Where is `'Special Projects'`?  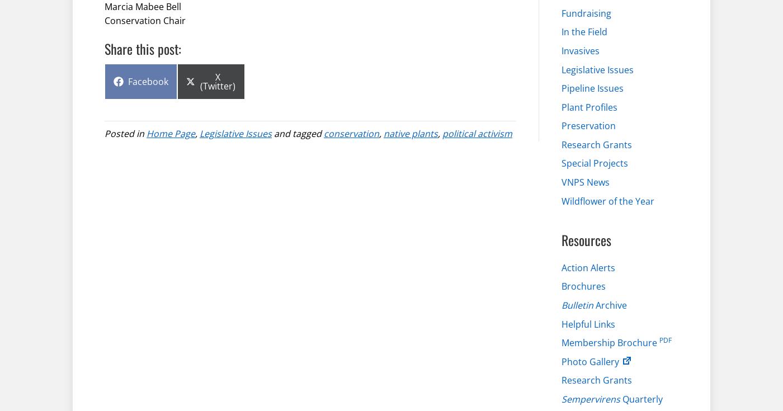 'Special Projects' is located at coordinates (561, 163).